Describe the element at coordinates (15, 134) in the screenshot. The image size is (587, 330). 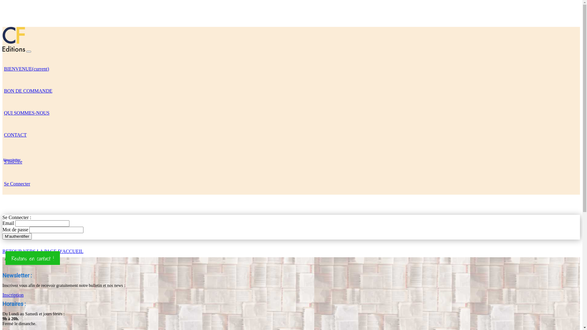
I see `'CONTACT'` at that location.